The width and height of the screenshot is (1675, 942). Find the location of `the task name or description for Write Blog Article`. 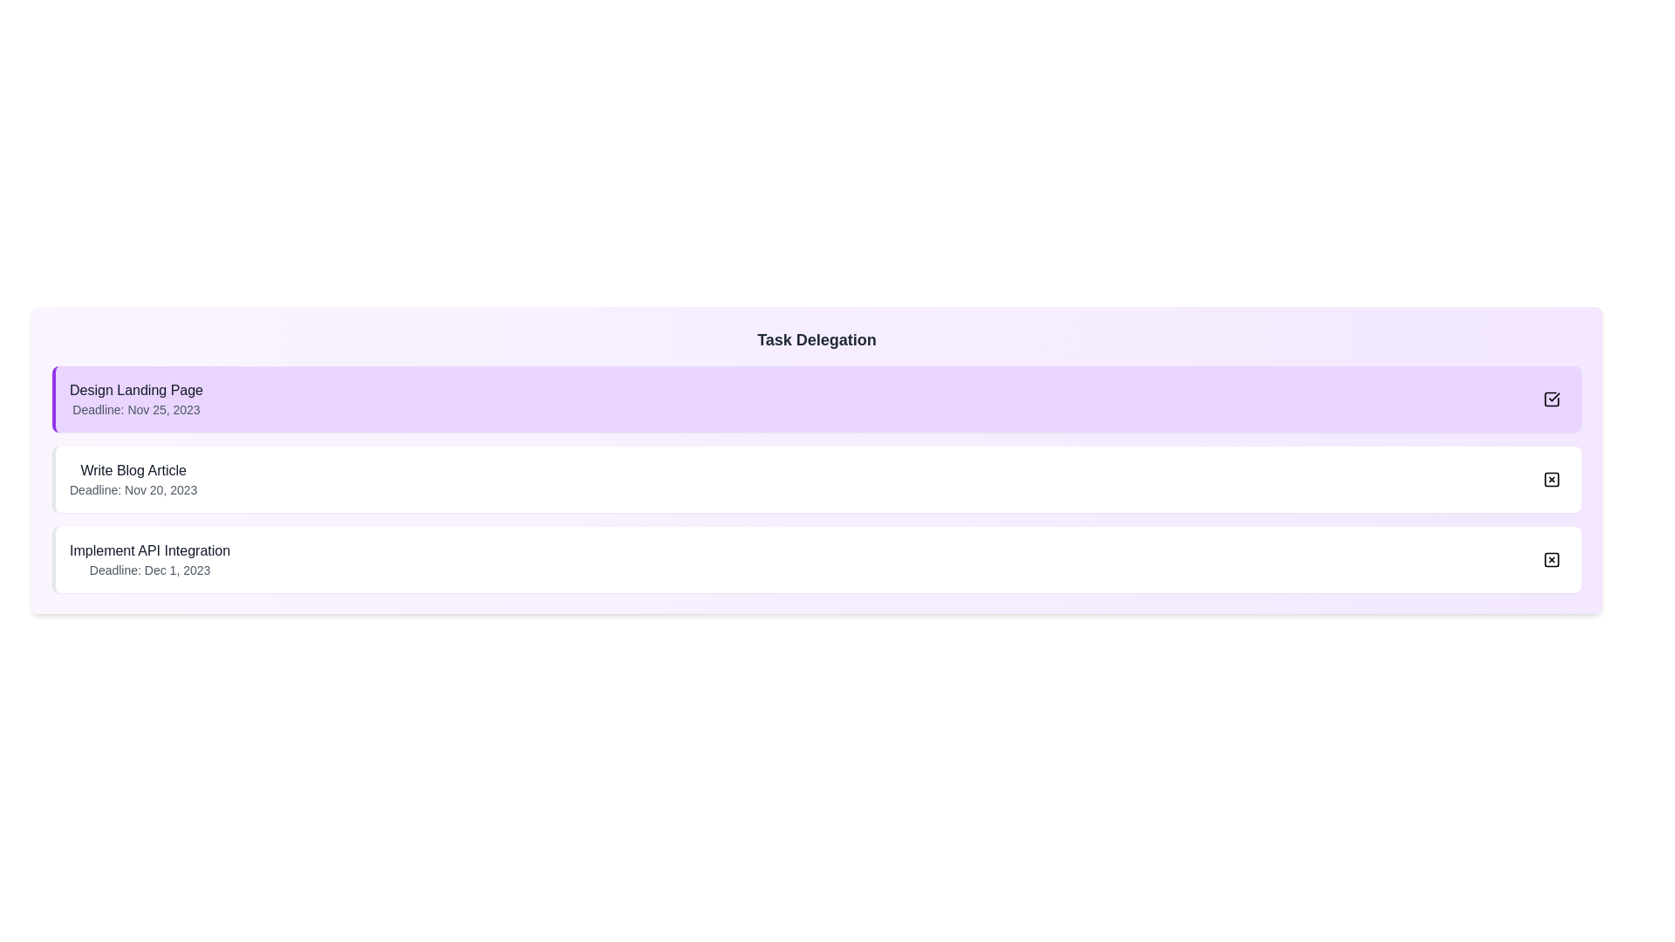

the task name or description for Write Blog Article is located at coordinates (133, 480).